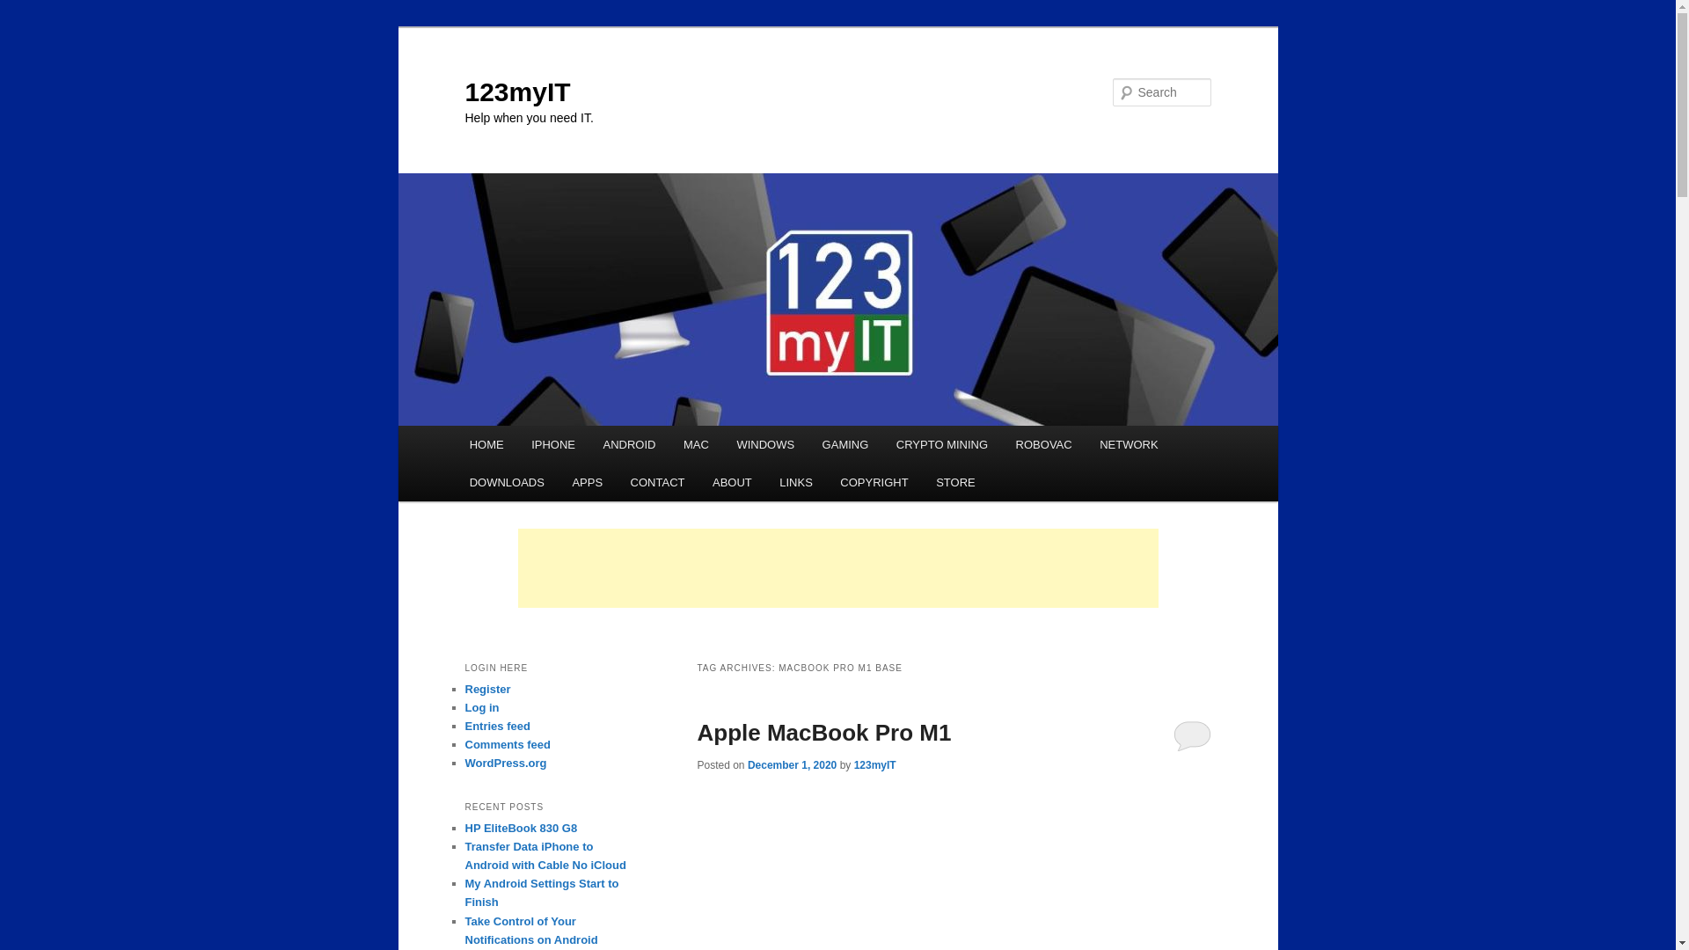 The image size is (1689, 950). Describe the element at coordinates (552, 443) in the screenshot. I see `'IPHONE'` at that location.